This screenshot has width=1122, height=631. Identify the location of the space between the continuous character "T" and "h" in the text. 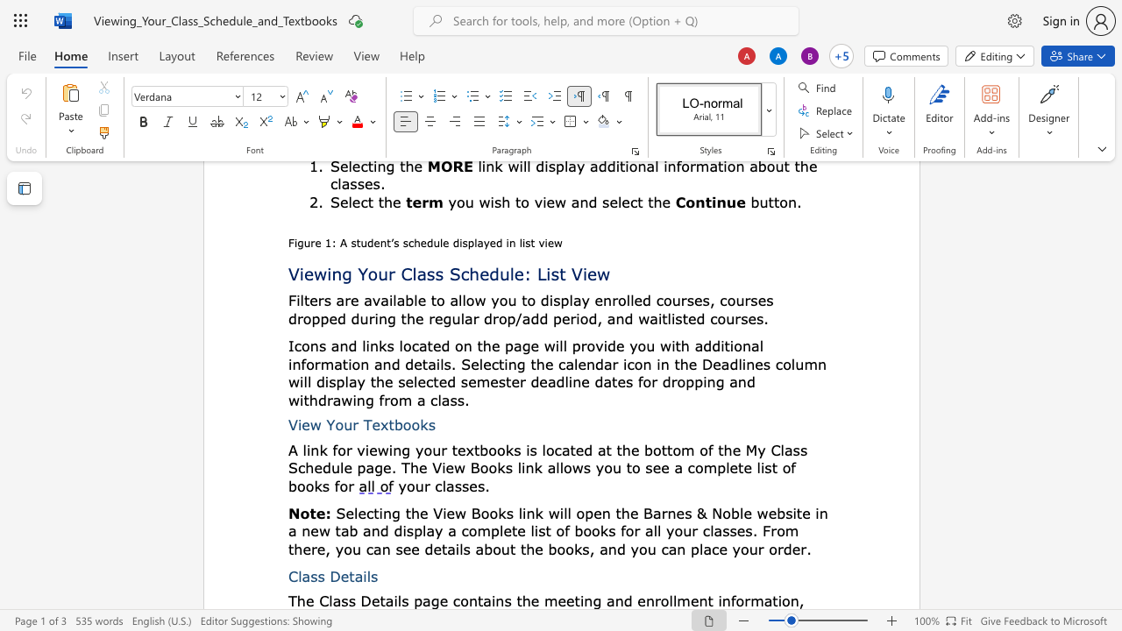
(296, 599).